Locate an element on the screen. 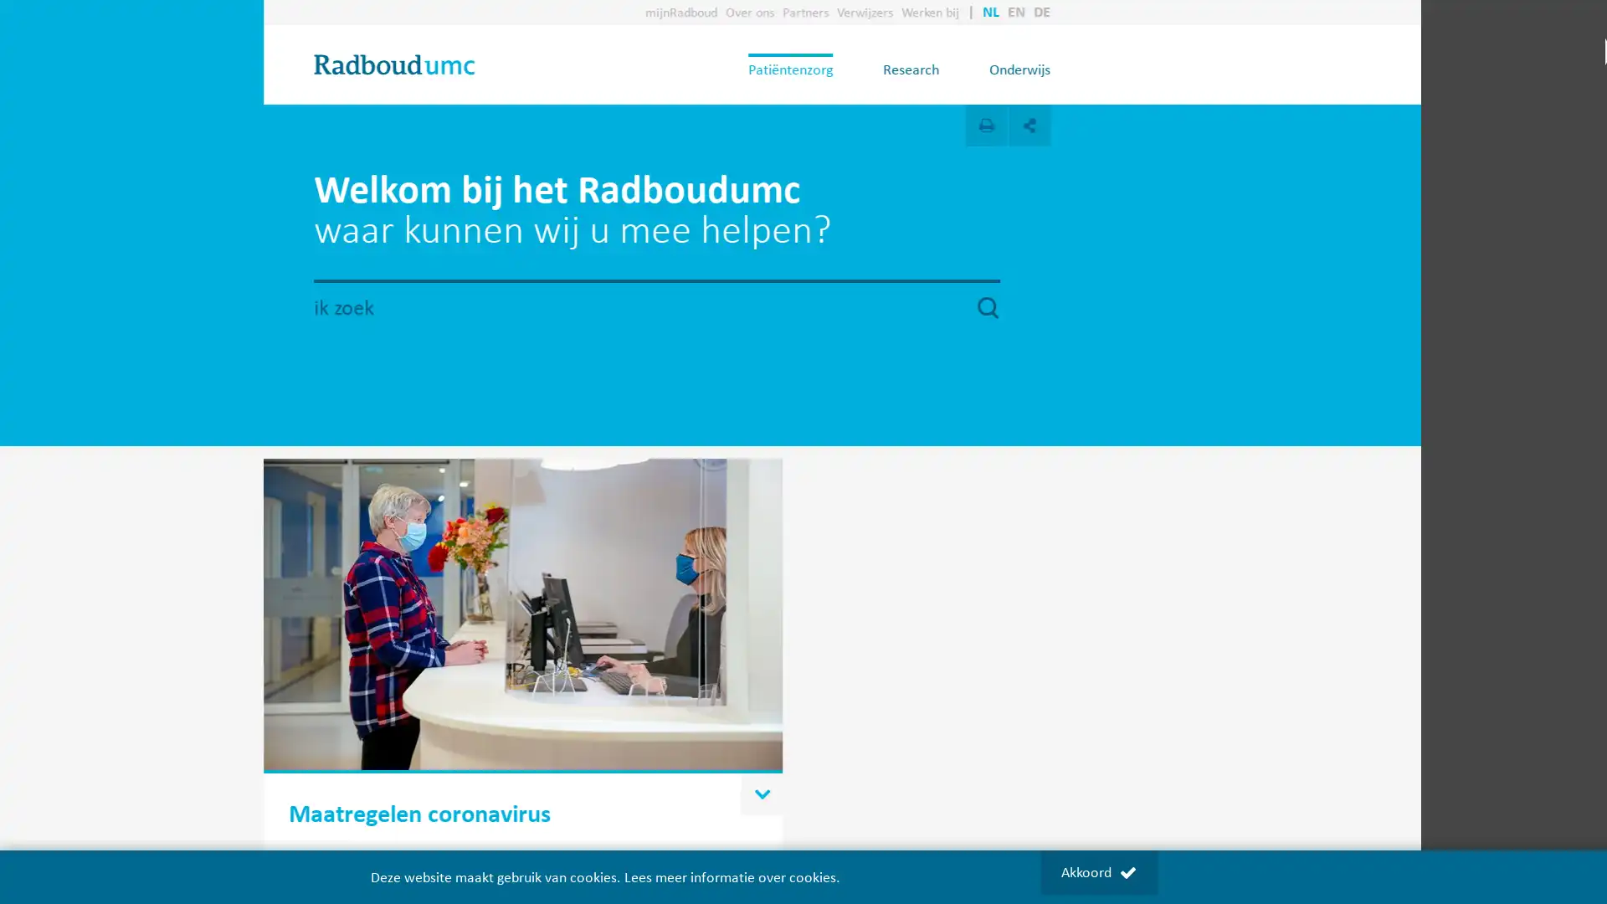 Image resolution: width=1607 pixels, height=904 pixels. Onderwijs is located at coordinates (1127, 69).